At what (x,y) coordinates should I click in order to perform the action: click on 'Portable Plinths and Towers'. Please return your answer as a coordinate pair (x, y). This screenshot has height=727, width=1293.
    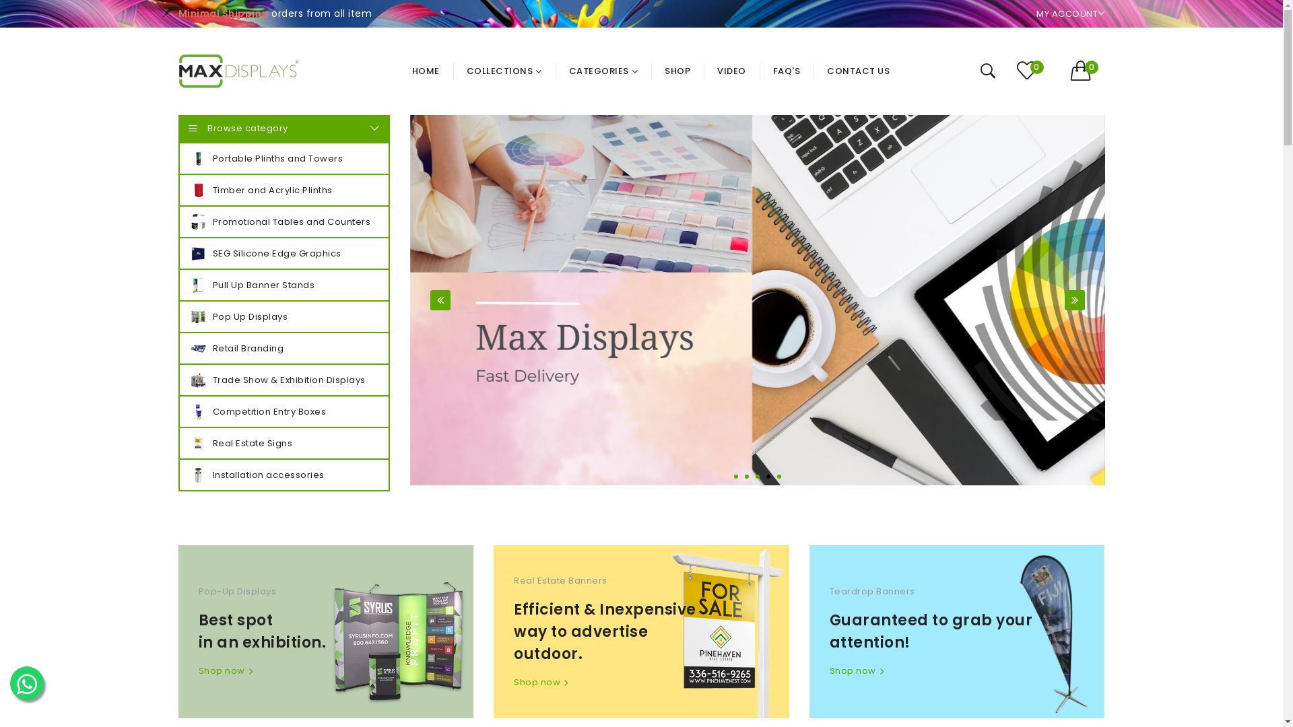
    Looking at the image, I should click on (283, 158).